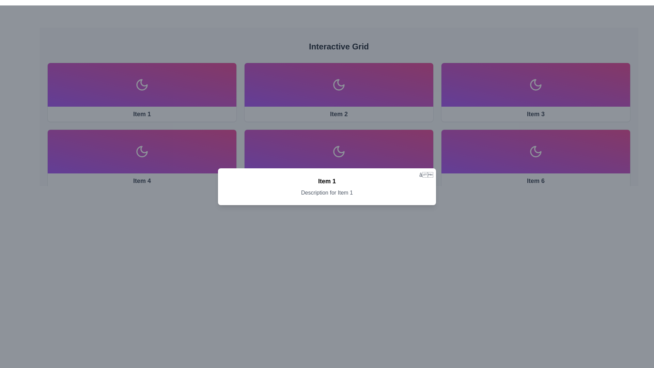 The height and width of the screenshot is (368, 654). I want to click on the nighttime-themed icon located in the center column of the top row in the grid layout, which is above the label 'Item 2', so click(339, 85).